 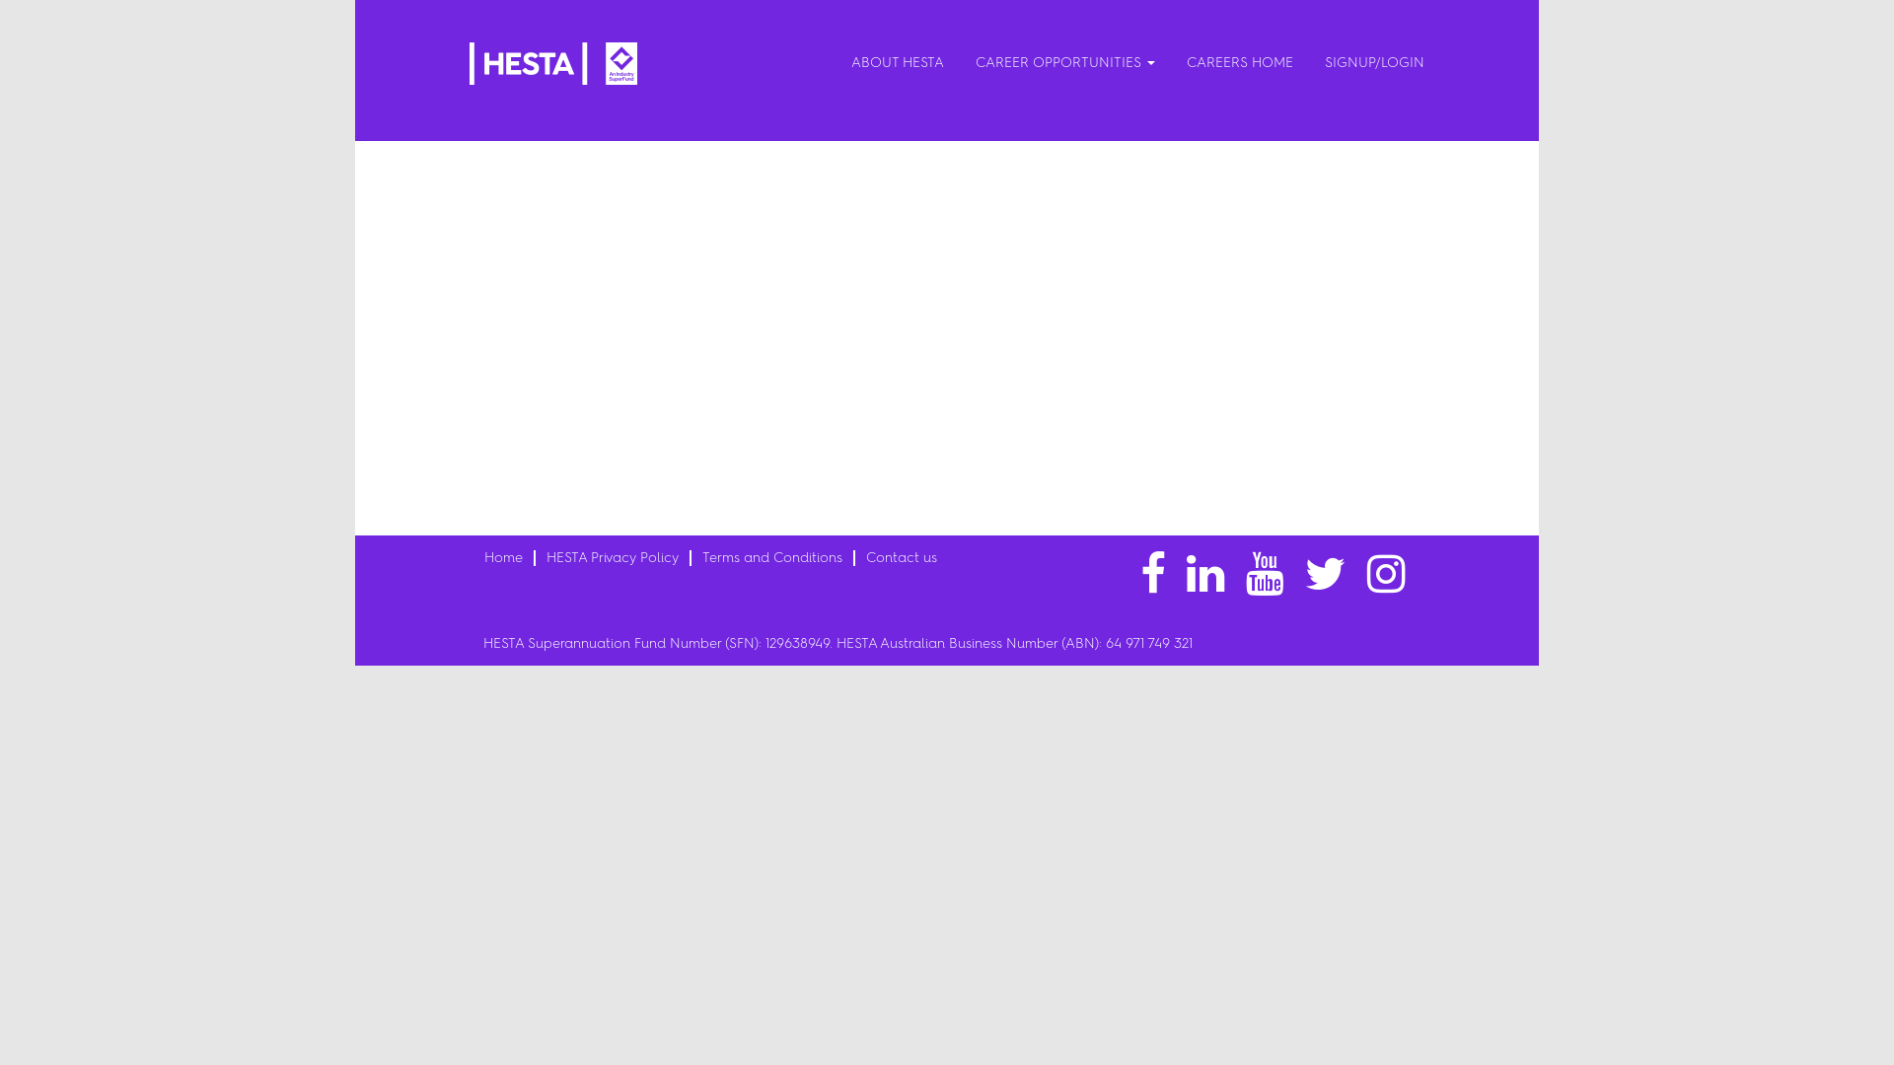 I want to click on 'HESTA Logo', so click(x=552, y=62).